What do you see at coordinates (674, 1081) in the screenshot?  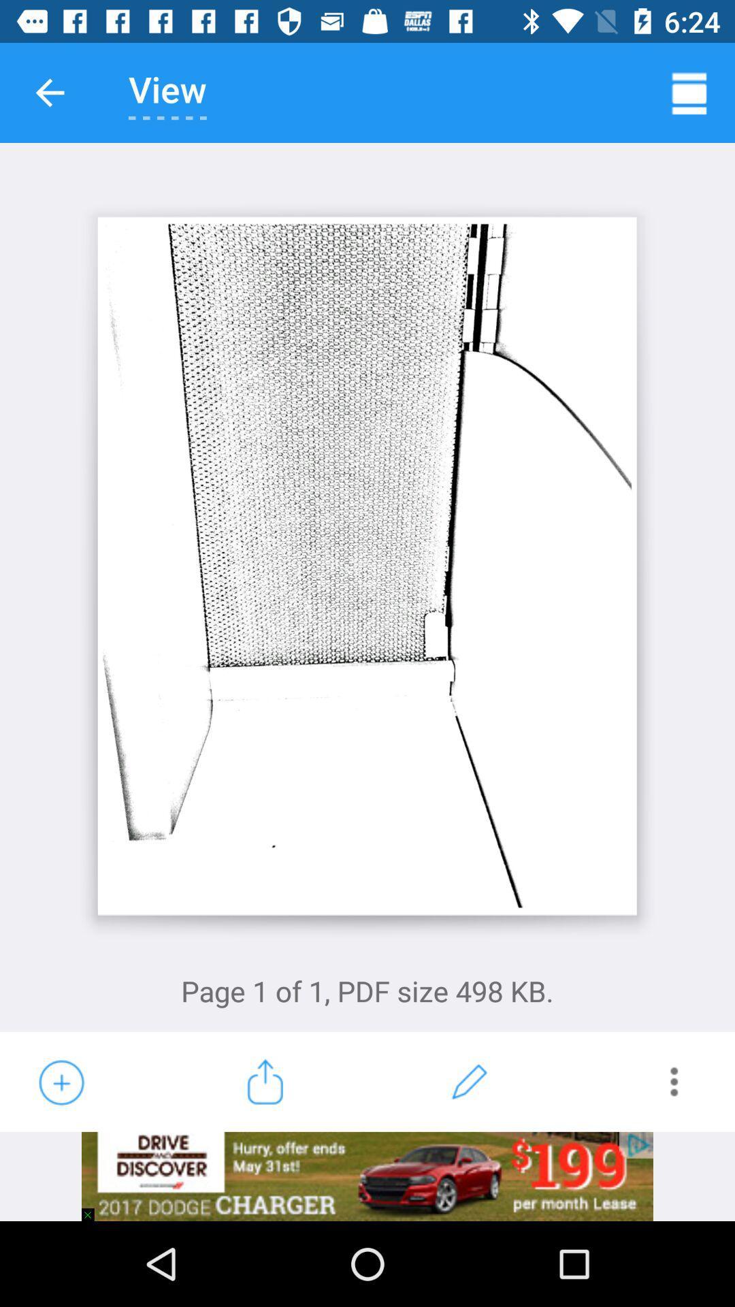 I see `the more icon` at bounding box center [674, 1081].